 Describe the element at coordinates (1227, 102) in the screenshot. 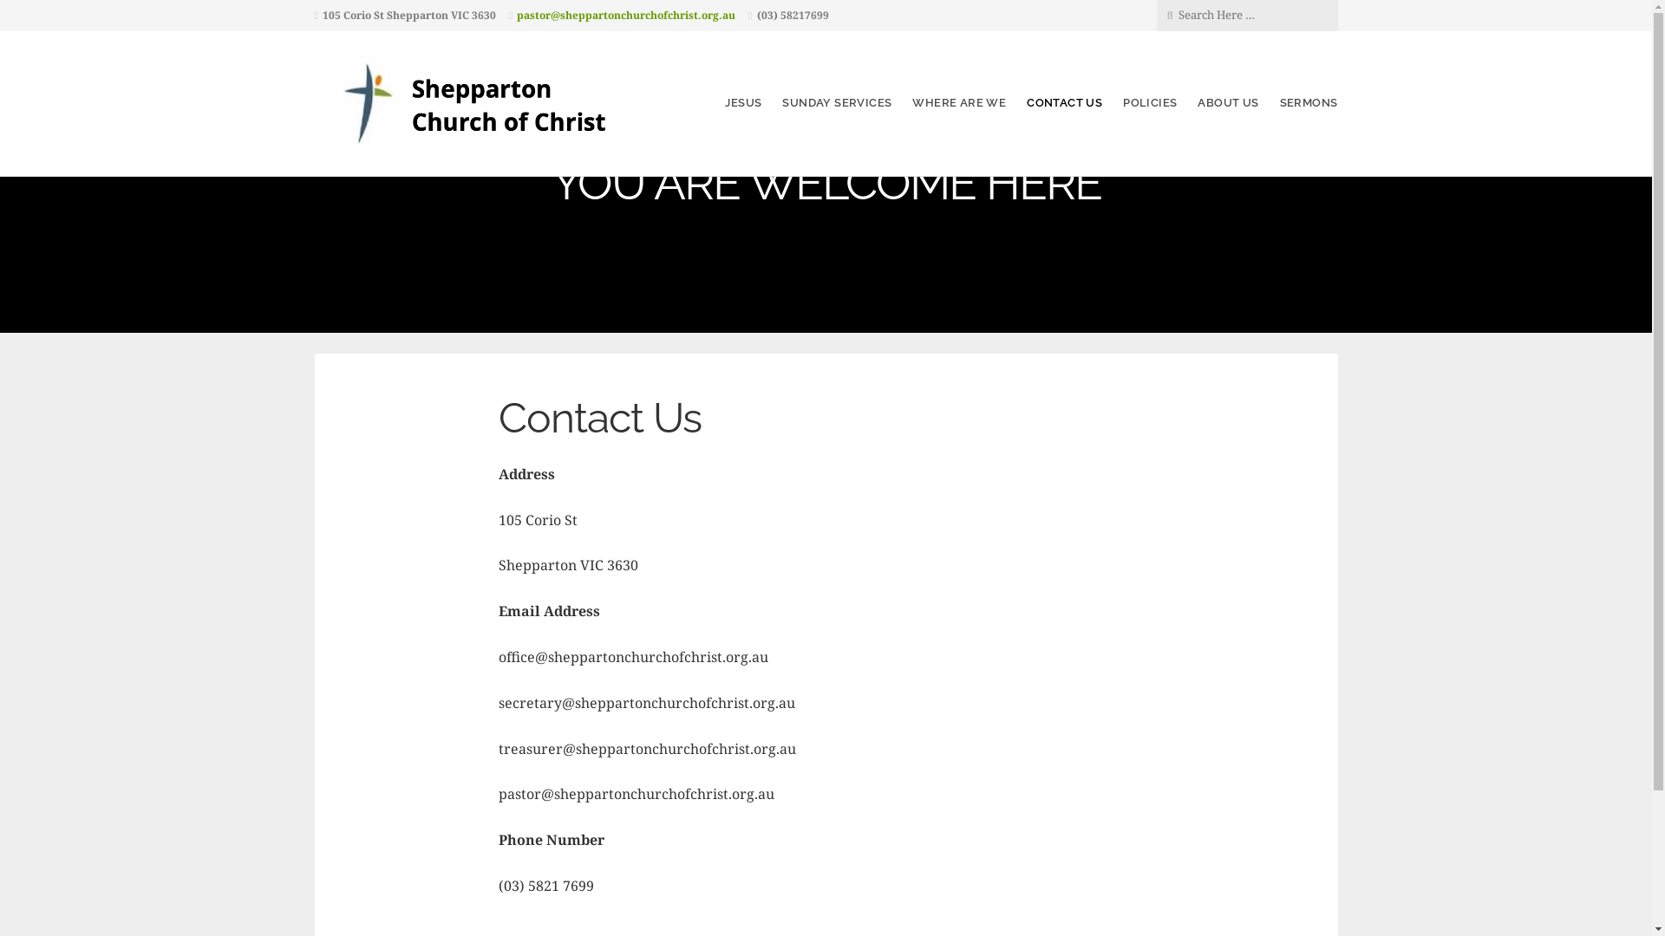

I see `'ABOUT US'` at that location.